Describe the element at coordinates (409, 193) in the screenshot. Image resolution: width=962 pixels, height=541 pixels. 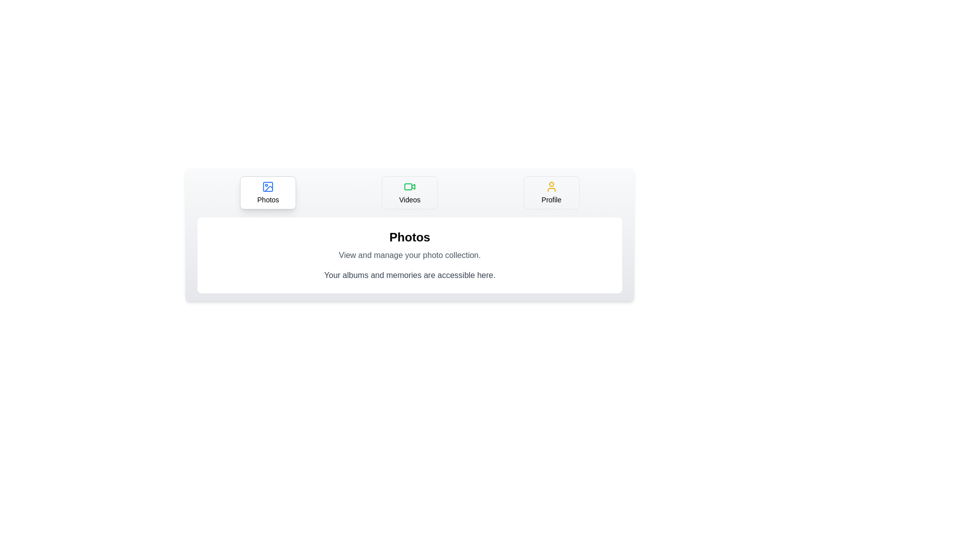
I see `the Videos tab by clicking on its button` at that location.